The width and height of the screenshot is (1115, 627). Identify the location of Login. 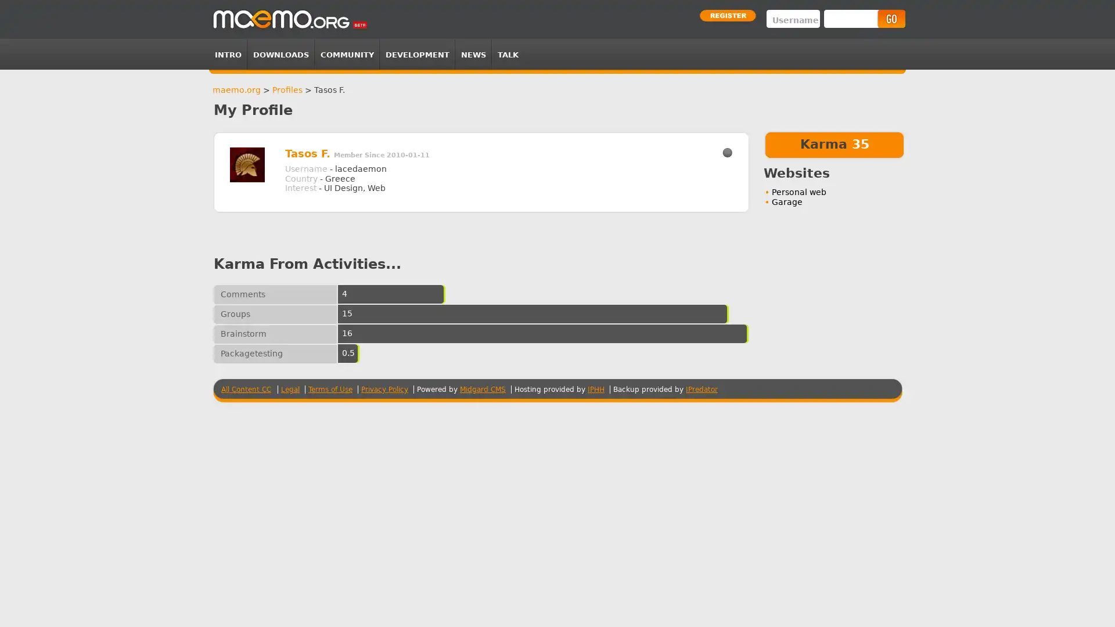
(890, 19).